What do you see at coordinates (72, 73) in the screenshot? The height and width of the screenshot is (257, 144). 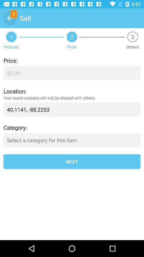 I see `price` at bounding box center [72, 73].